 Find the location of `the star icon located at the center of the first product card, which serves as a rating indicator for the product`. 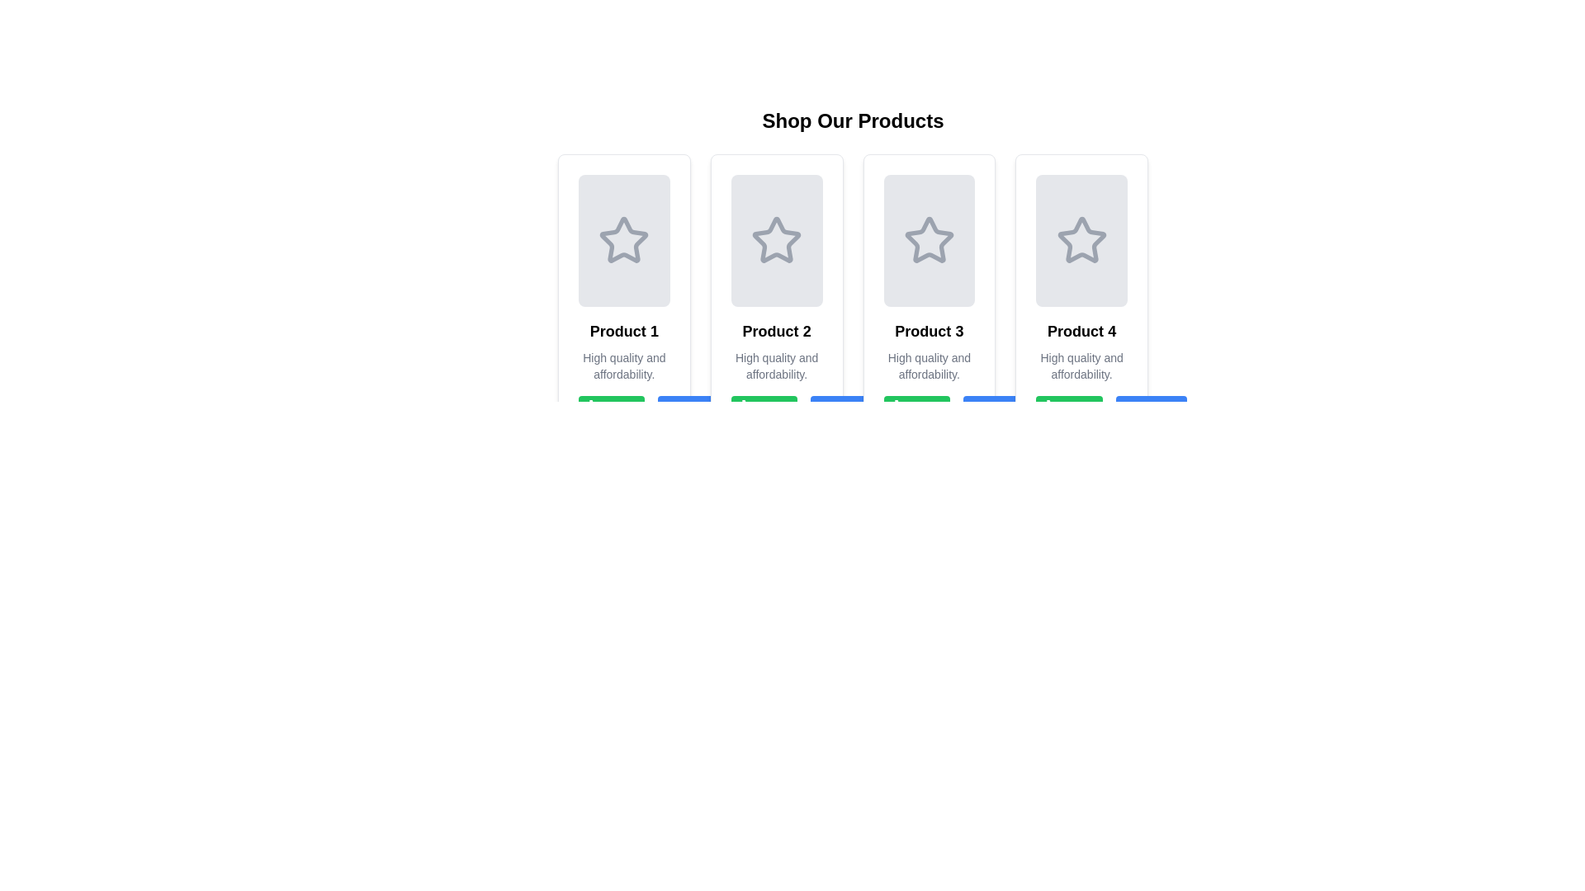

the star icon located at the center of the first product card, which serves as a rating indicator for the product is located at coordinates (623, 241).